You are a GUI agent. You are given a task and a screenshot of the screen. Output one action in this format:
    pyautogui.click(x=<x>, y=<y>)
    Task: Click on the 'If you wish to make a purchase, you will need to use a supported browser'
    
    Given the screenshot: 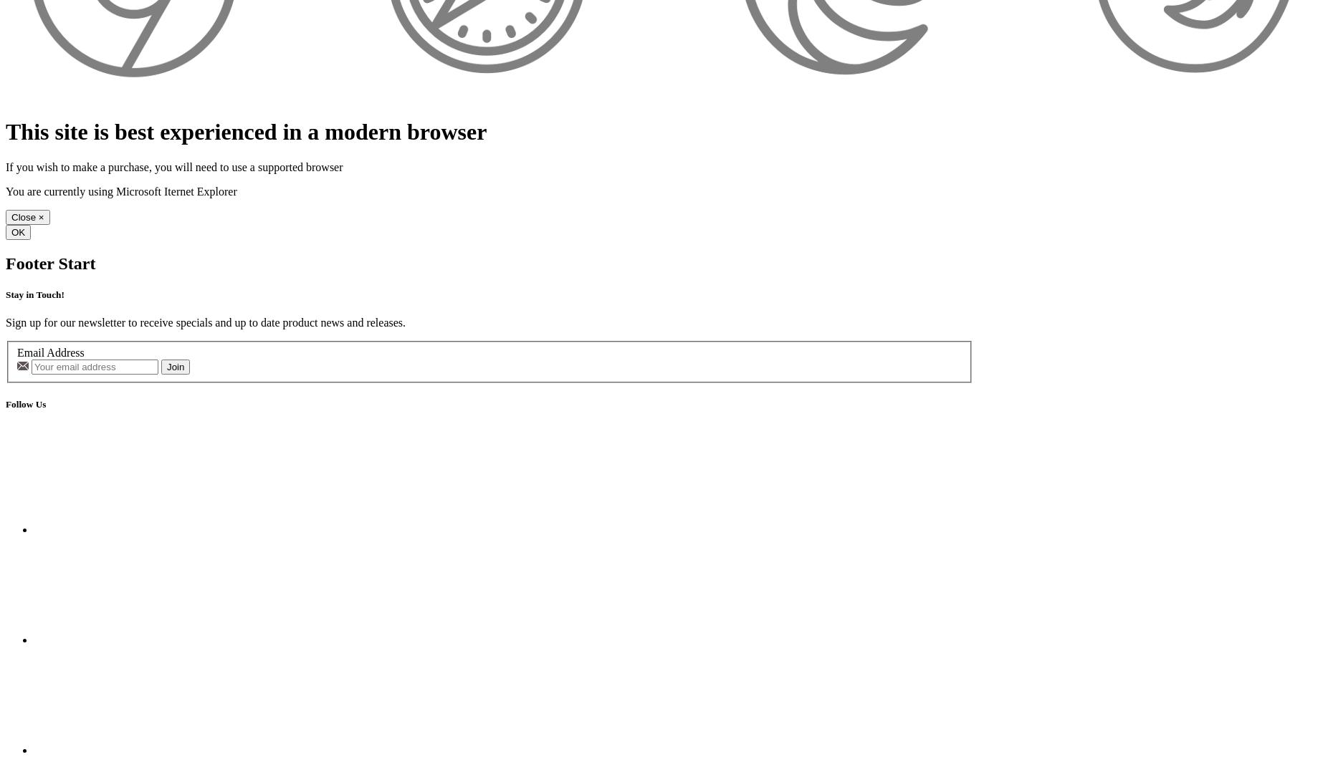 What is the action you would take?
    pyautogui.click(x=173, y=165)
    